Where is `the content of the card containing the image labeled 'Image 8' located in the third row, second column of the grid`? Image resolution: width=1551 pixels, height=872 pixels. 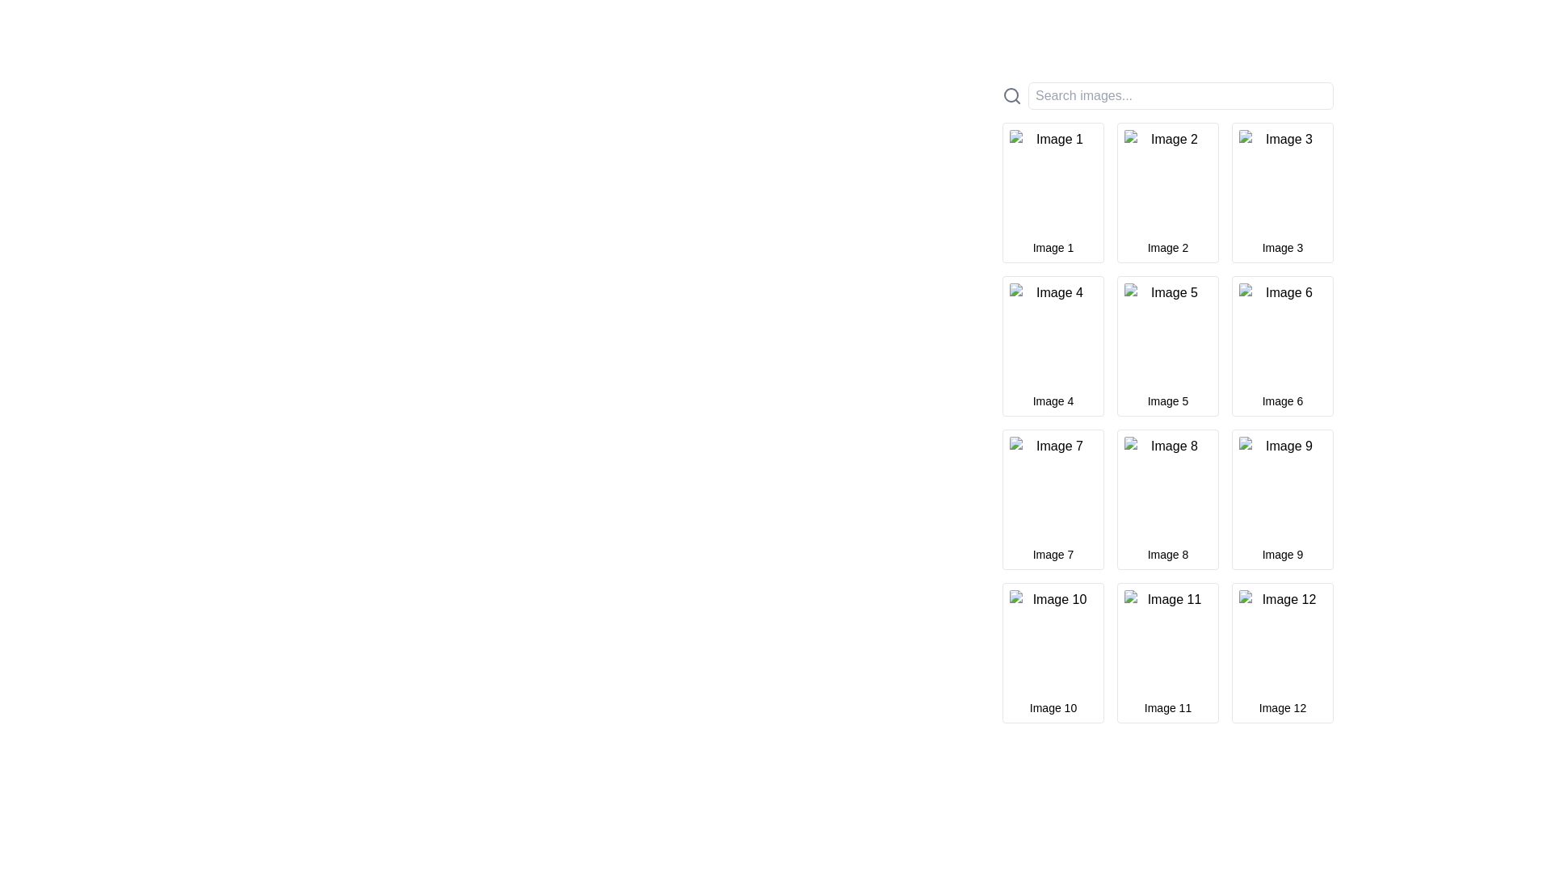
the content of the card containing the image labeled 'Image 8' located in the third row, second column of the grid is located at coordinates (1167, 498).